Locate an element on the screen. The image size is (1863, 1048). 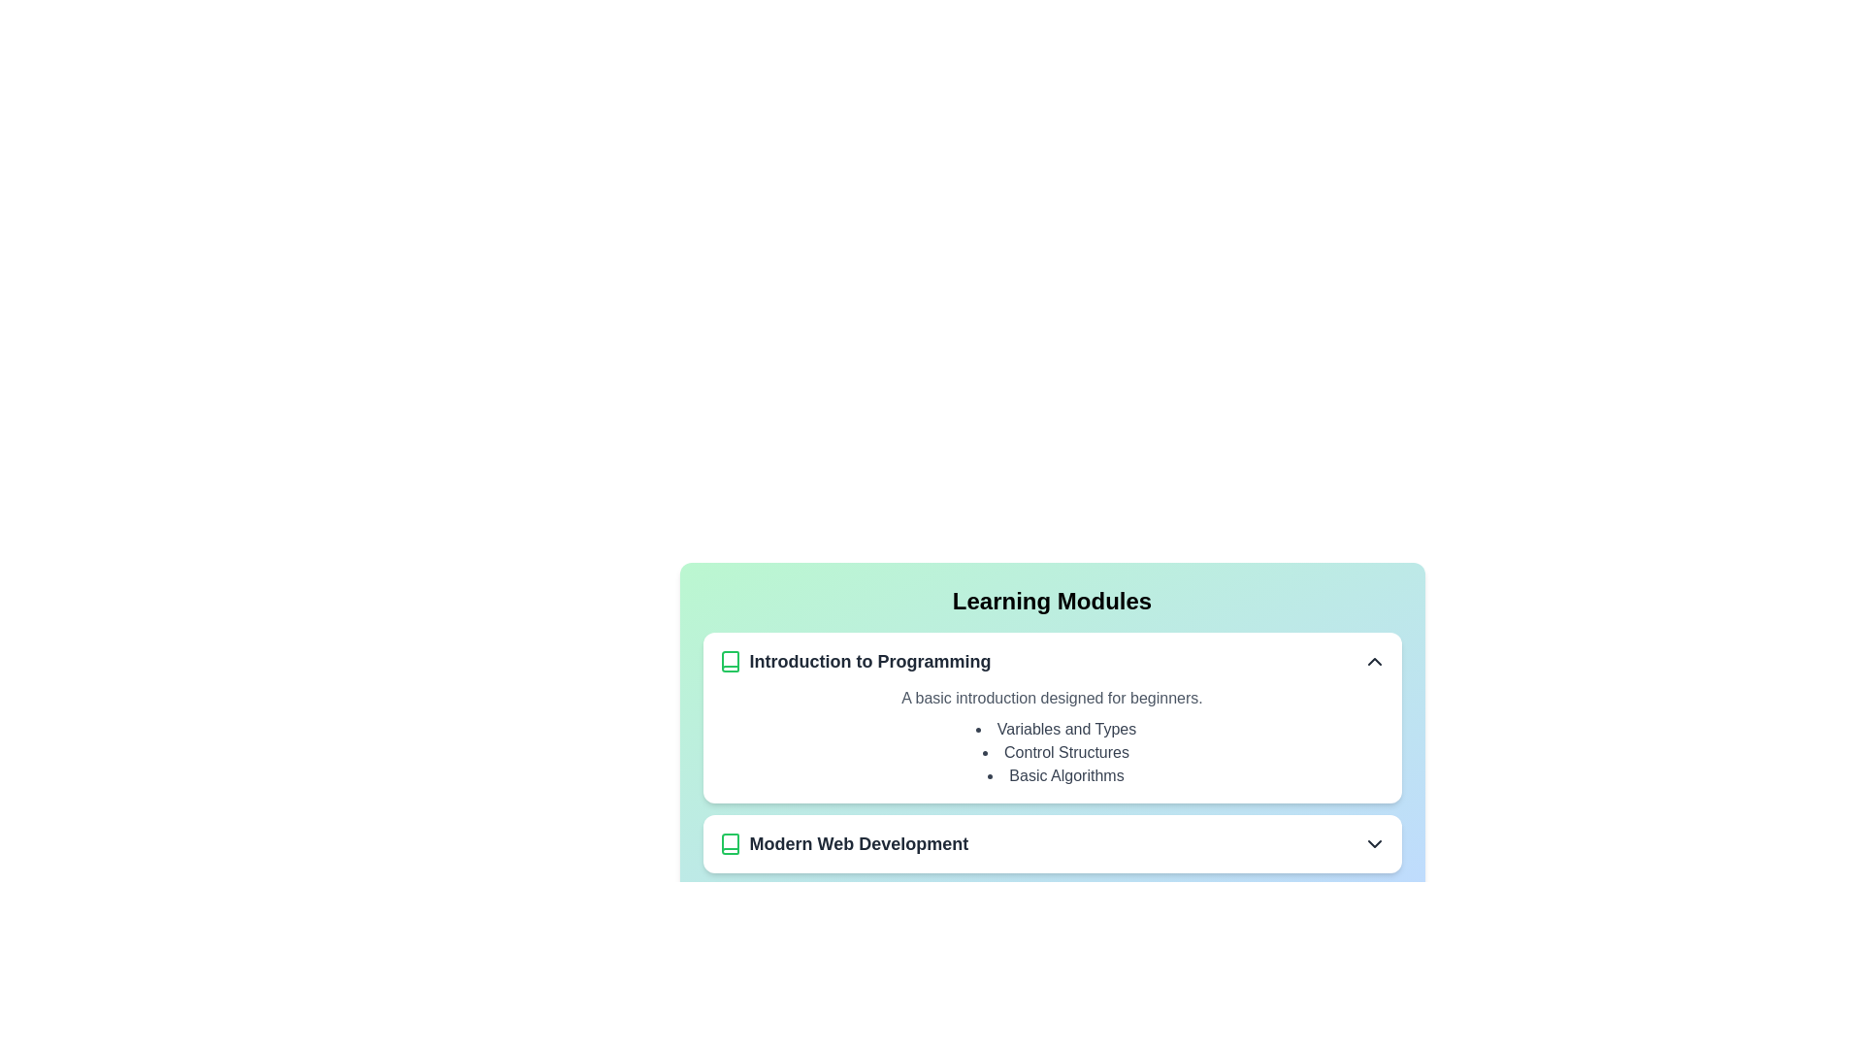
the Icon button located at the far right of the 'Introduction to Programming' section is located at coordinates (1373, 661).